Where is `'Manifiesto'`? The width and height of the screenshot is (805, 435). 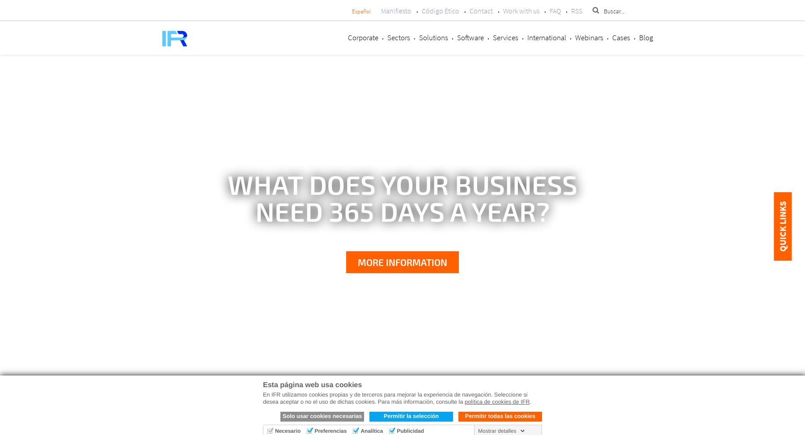 'Manifiesto' is located at coordinates (381, 11).